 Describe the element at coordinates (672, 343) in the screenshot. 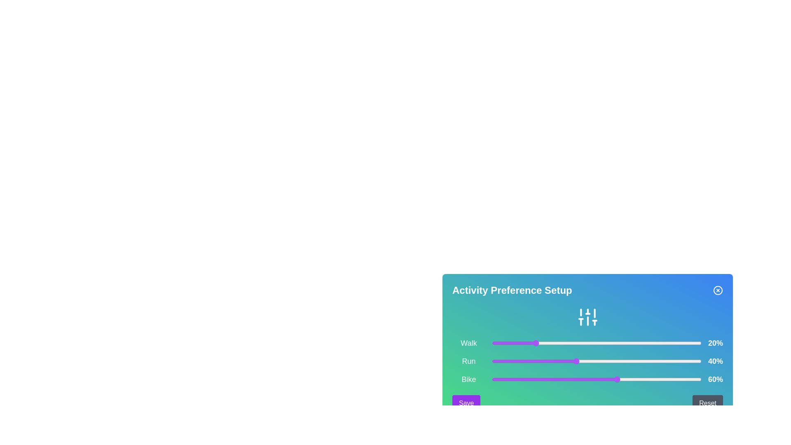

I see `the slider for 0 to 86%` at that location.